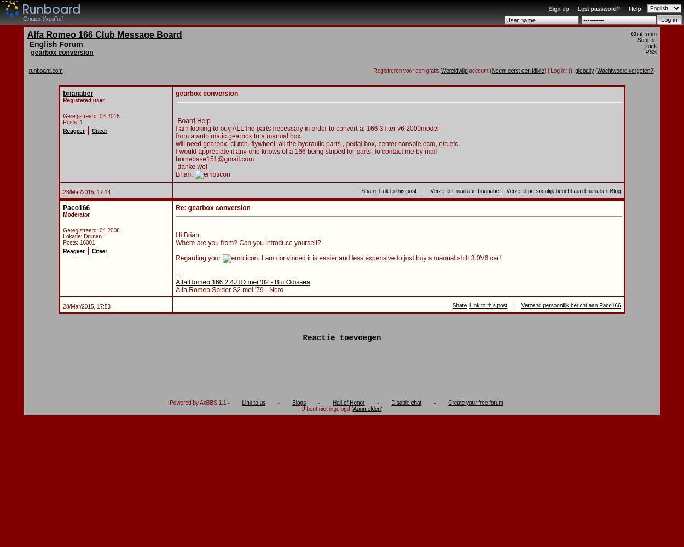 The height and width of the screenshot is (547, 684). What do you see at coordinates (109, 230) in the screenshot?
I see `'04-2008'` at bounding box center [109, 230].